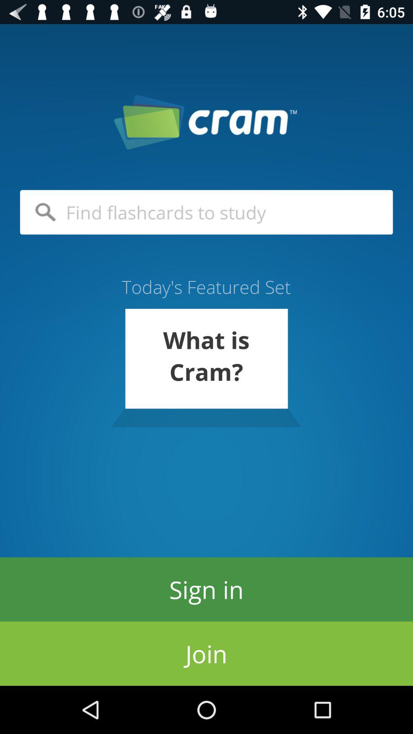 The height and width of the screenshot is (734, 413). What do you see at coordinates (206, 589) in the screenshot?
I see `item above join` at bounding box center [206, 589].